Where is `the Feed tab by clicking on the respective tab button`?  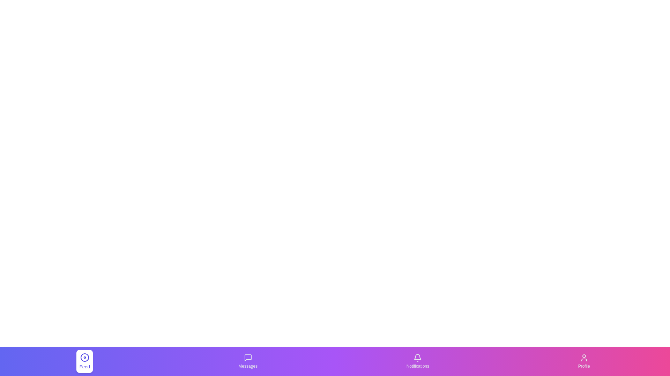
the Feed tab by clicking on the respective tab button is located at coordinates (84, 361).